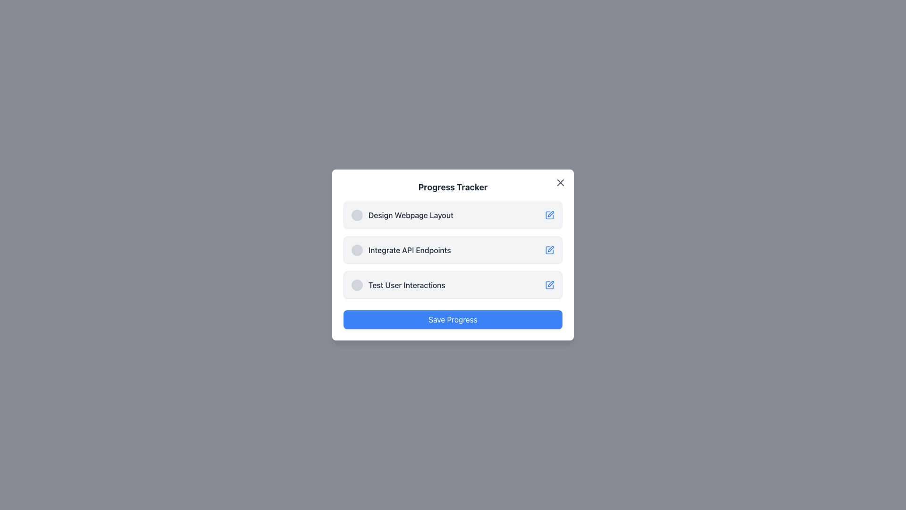 This screenshot has height=510, width=906. Describe the element at coordinates (561, 182) in the screenshot. I see `the close button icon located in the upper-right corner of the 'Progress Tracker' modal dialog` at that location.